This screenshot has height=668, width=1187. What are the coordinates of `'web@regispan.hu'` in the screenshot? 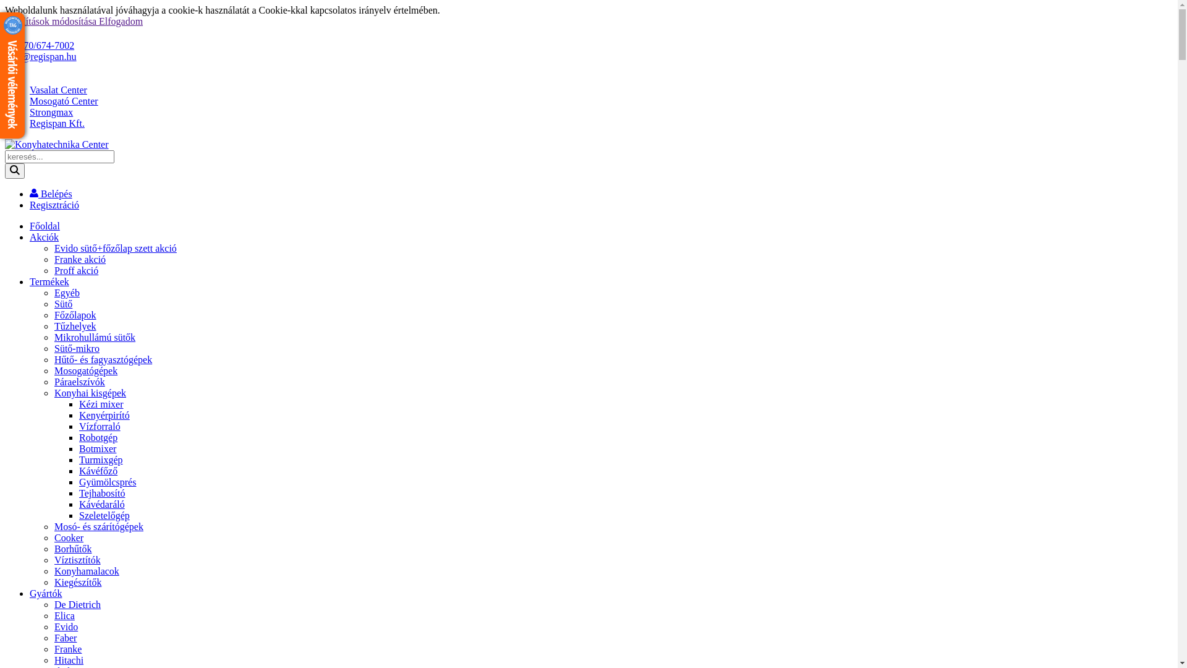 It's located at (41, 56).